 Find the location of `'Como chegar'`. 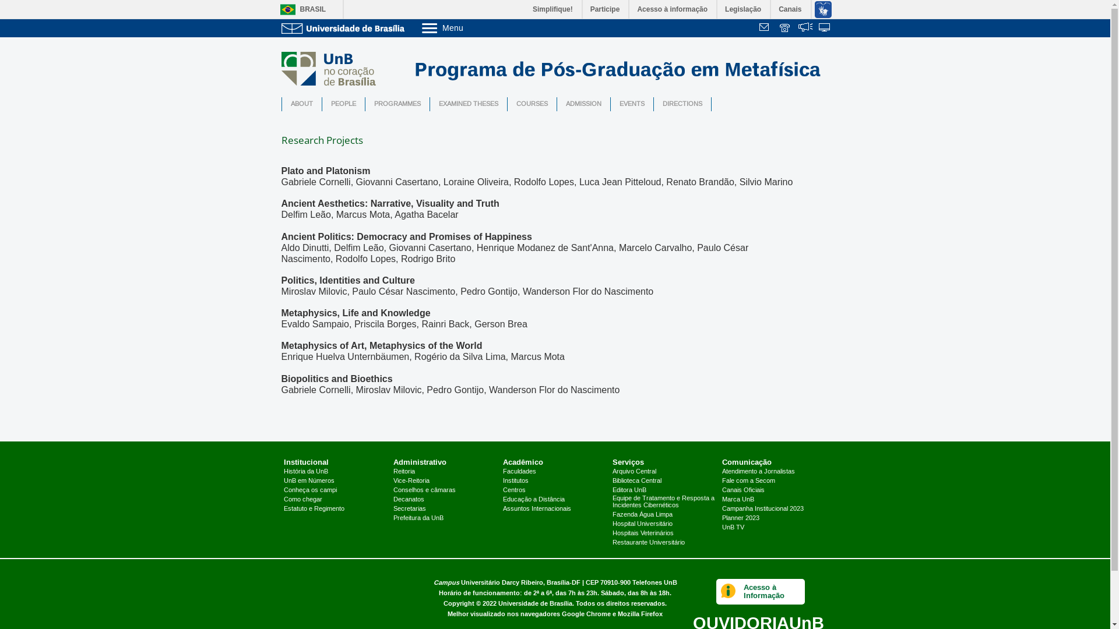

'Como chegar' is located at coordinates (283, 499).